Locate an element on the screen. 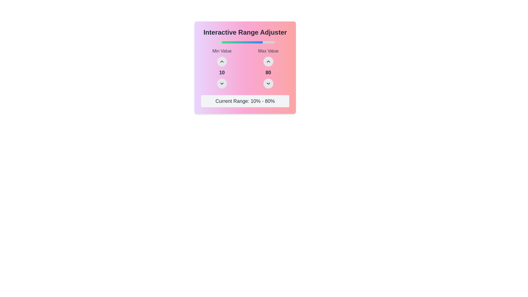 The width and height of the screenshot is (528, 297). the 'Min Value' increment button located below the 'Min Value' label and above the numerical value '10' is located at coordinates (222, 61).